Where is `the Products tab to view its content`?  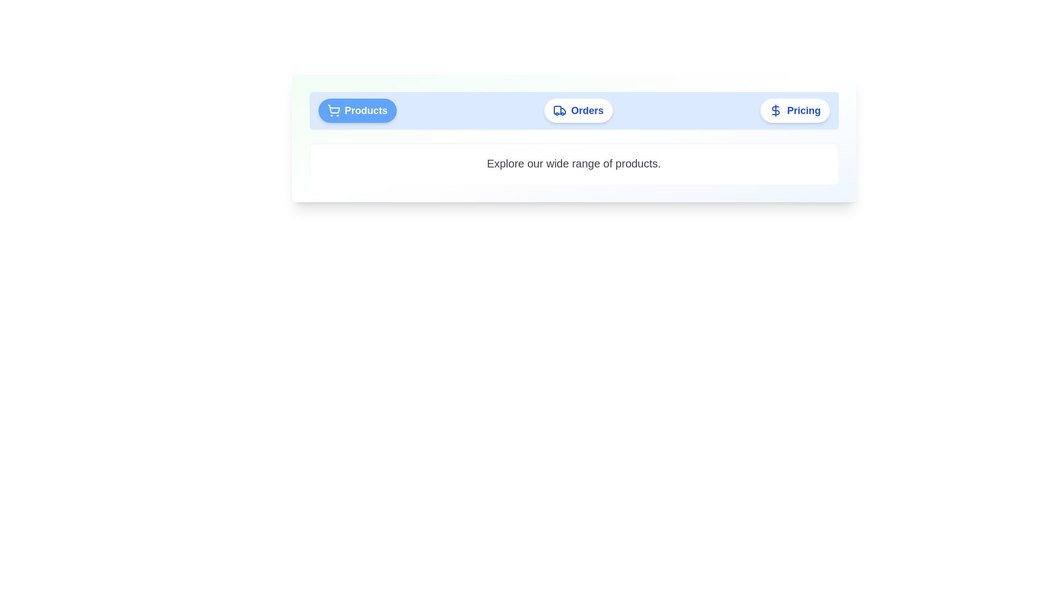 the Products tab to view its content is located at coordinates (357, 110).